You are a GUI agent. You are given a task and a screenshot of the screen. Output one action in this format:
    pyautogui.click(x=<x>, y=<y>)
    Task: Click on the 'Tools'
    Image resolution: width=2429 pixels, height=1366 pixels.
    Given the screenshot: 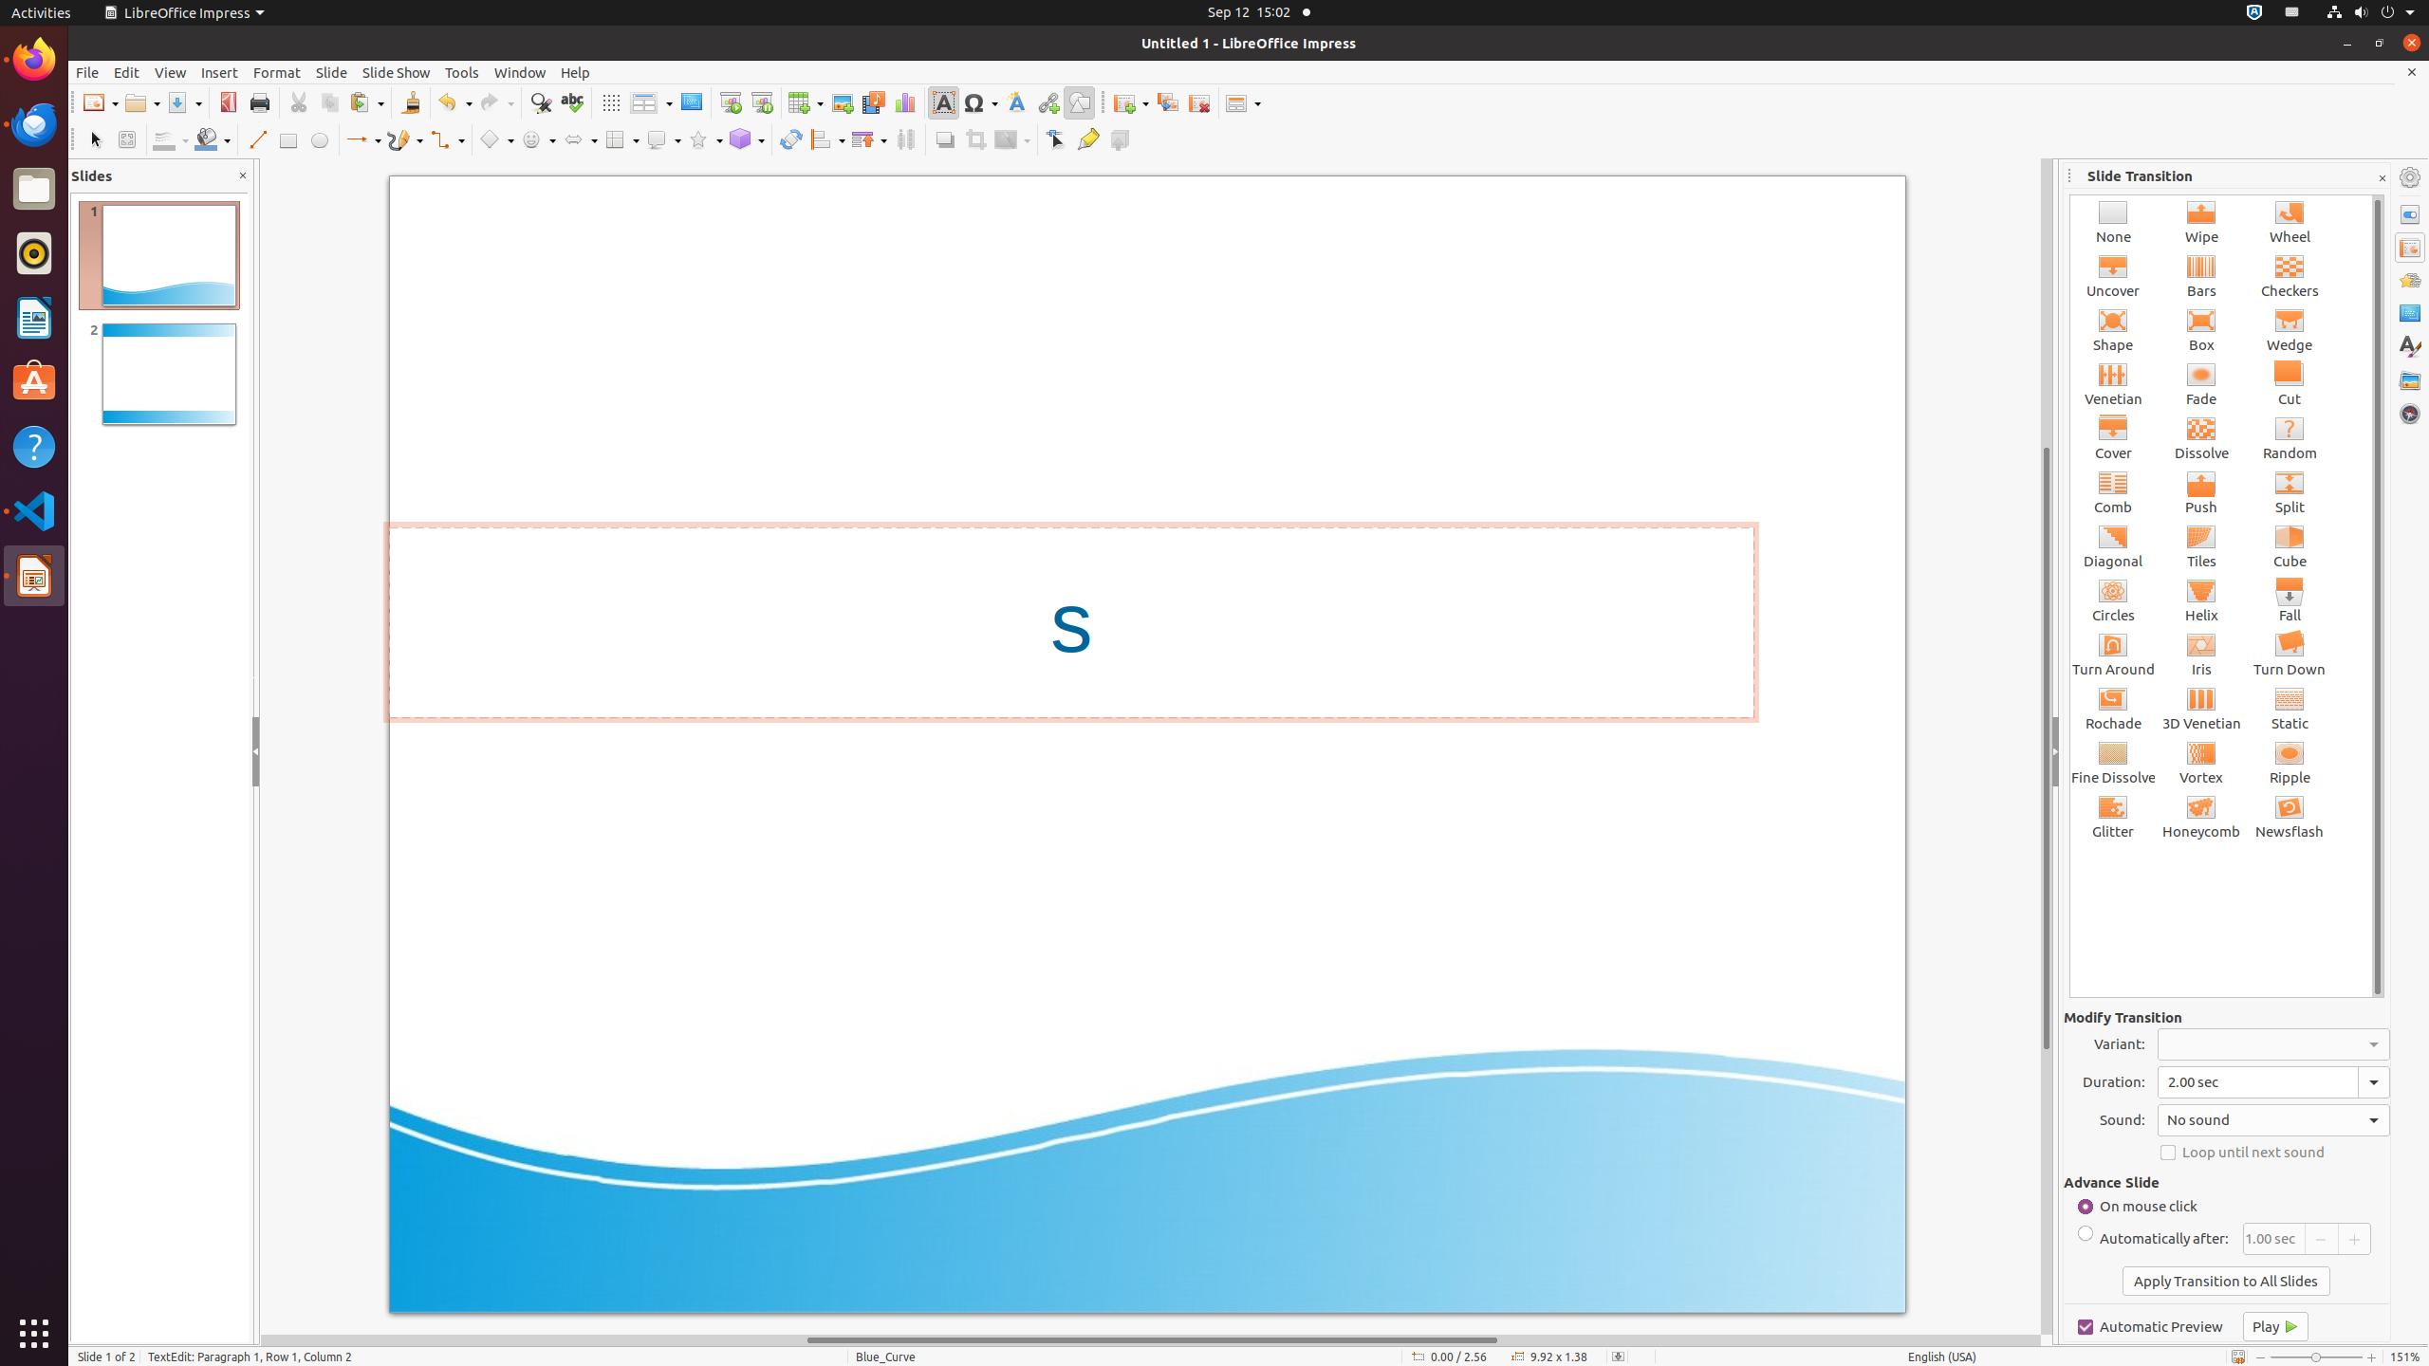 What is the action you would take?
    pyautogui.click(x=460, y=72)
    